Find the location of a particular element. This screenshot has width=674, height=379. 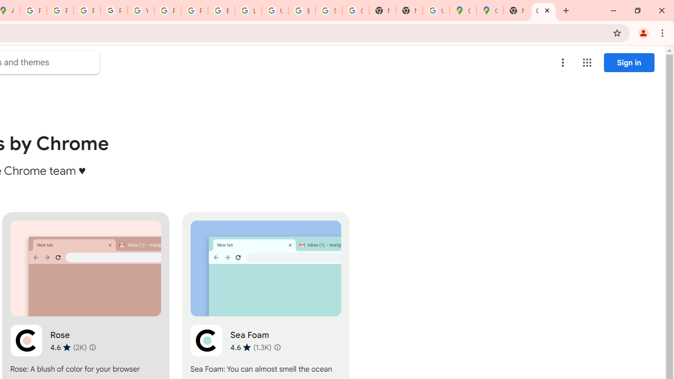

'Google Maps' is located at coordinates (489, 11).